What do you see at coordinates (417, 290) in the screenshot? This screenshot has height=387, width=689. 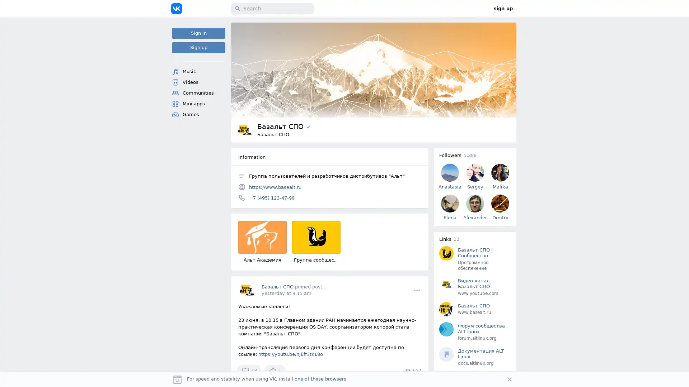 I see `Actions` at bounding box center [417, 290].